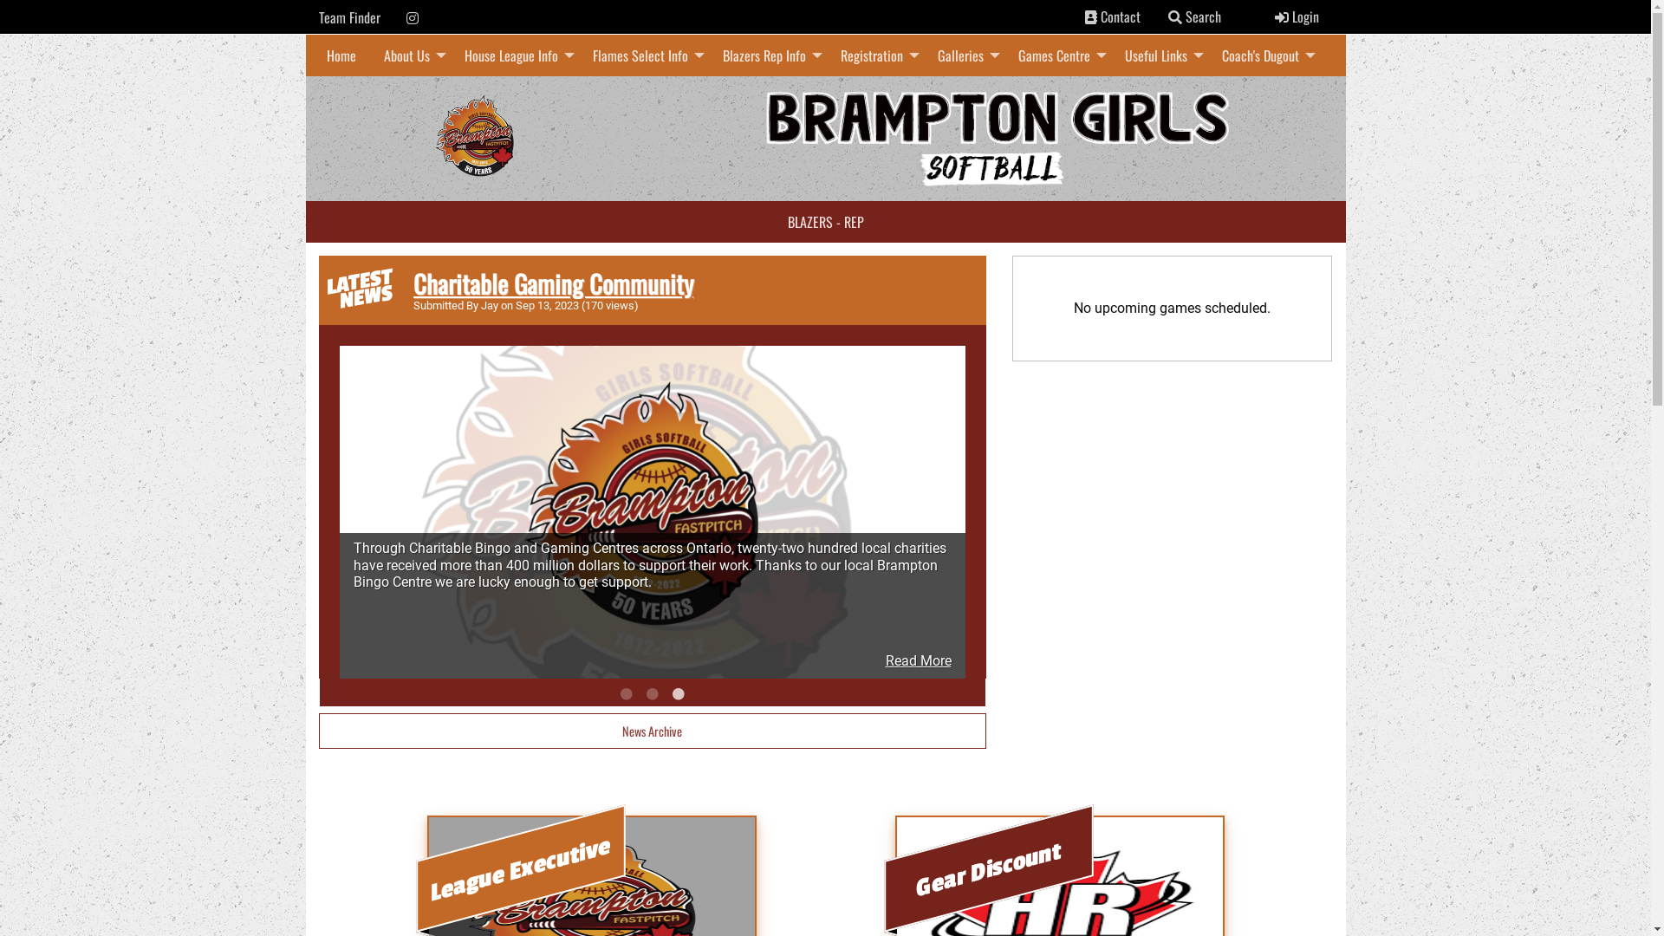 The width and height of the screenshot is (1664, 936). Describe the element at coordinates (708, 55) in the screenshot. I see `'Blazers Rep Info'` at that location.